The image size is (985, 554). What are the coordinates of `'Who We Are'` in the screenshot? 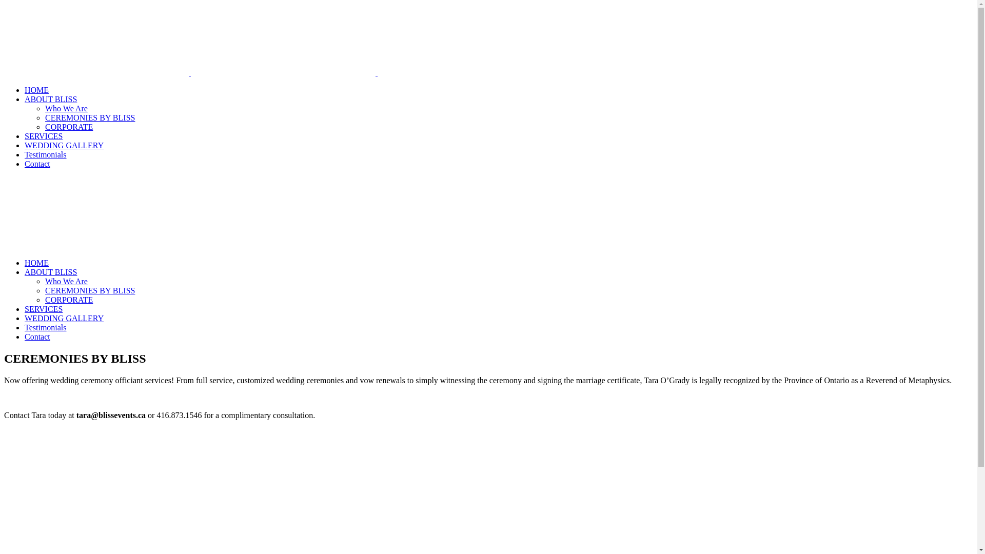 It's located at (66, 108).